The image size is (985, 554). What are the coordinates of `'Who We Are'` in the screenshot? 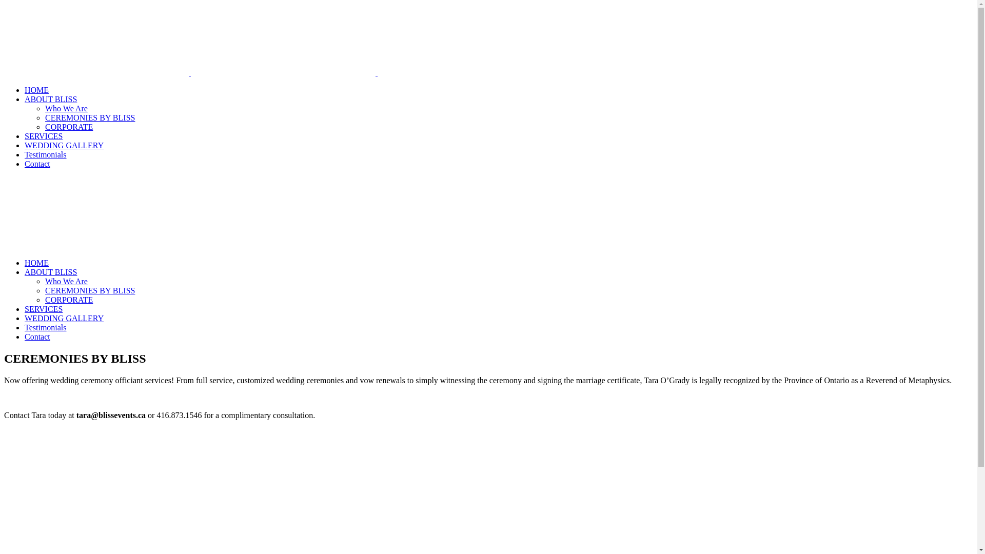 It's located at (66, 108).